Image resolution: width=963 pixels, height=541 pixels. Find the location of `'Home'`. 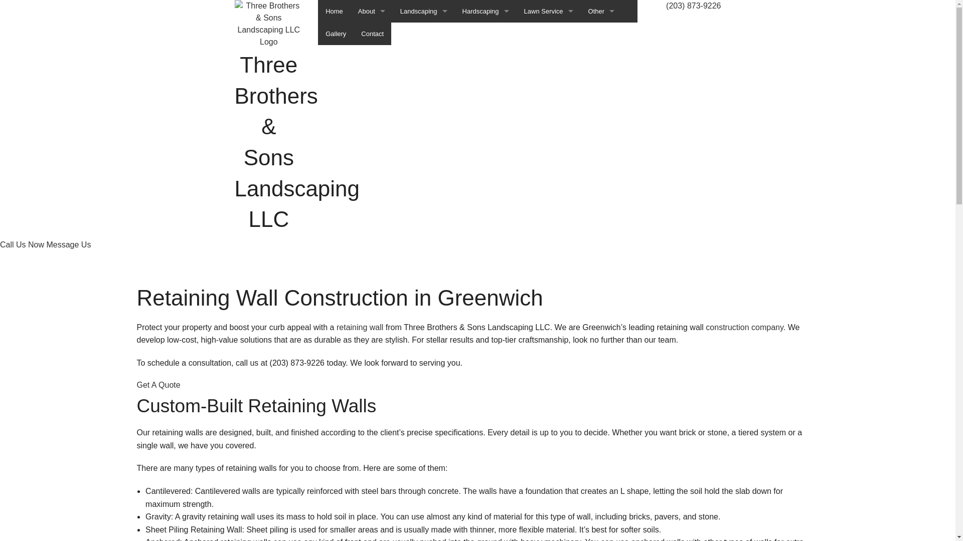

'Home' is located at coordinates (334, 11).